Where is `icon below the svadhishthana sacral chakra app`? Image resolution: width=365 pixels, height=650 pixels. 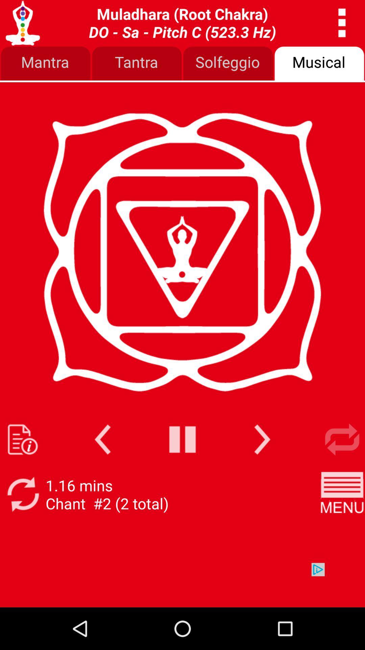 icon below the svadhishthana sacral chakra app is located at coordinates (137, 64).